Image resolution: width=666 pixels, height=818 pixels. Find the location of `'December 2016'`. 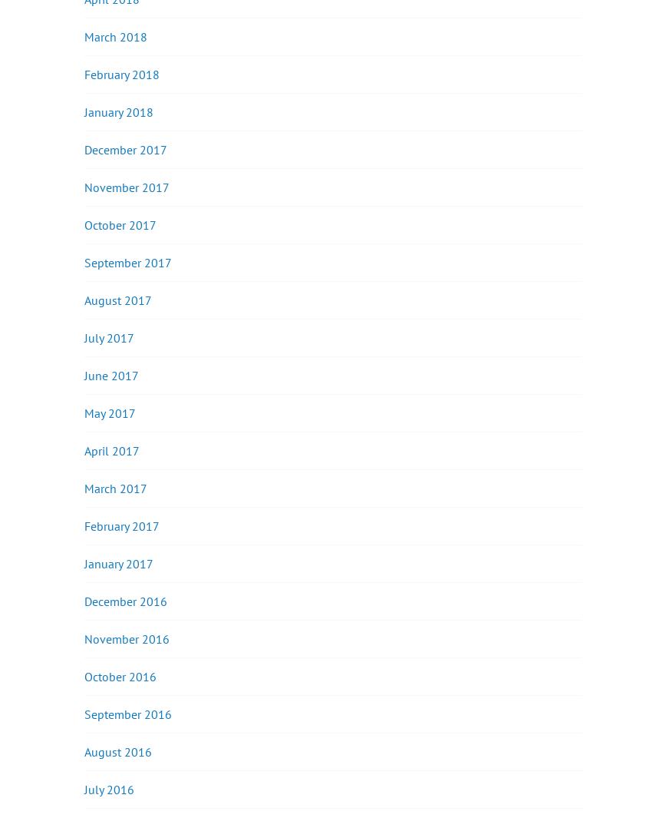

'December 2016' is located at coordinates (125, 601).